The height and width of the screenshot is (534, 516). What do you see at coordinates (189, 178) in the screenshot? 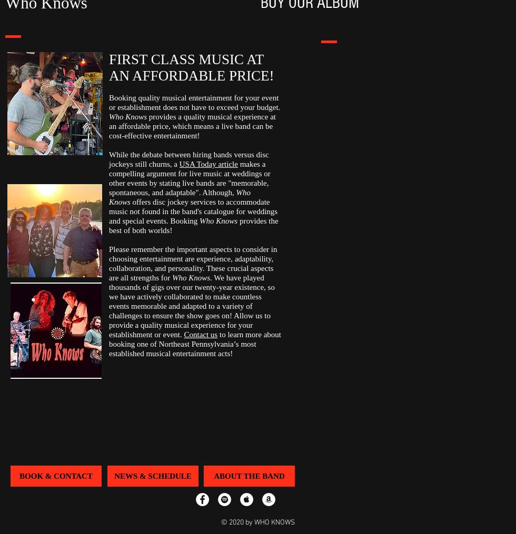
I see `'makes a compelling argument for live music at weddings or other events by stating live bands are "memorable, spontaneous, and adaptable". Although,'` at bounding box center [189, 178].